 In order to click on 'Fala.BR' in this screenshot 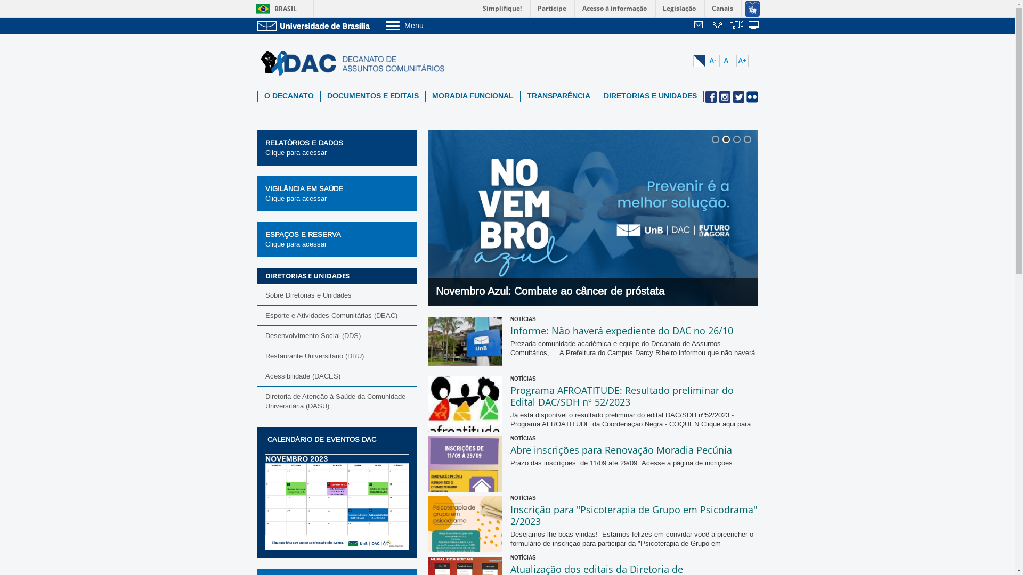, I will do `click(736, 26)`.